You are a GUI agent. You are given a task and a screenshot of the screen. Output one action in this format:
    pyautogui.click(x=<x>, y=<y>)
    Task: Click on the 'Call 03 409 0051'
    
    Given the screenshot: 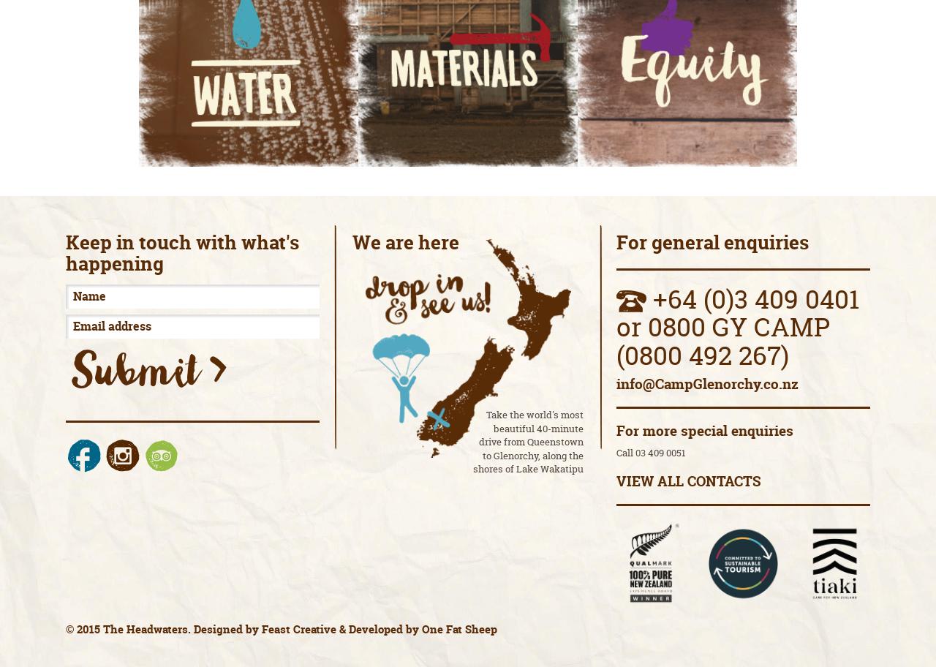 What is the action you would take?
    pyautogui.click(x=616, y=451)
    